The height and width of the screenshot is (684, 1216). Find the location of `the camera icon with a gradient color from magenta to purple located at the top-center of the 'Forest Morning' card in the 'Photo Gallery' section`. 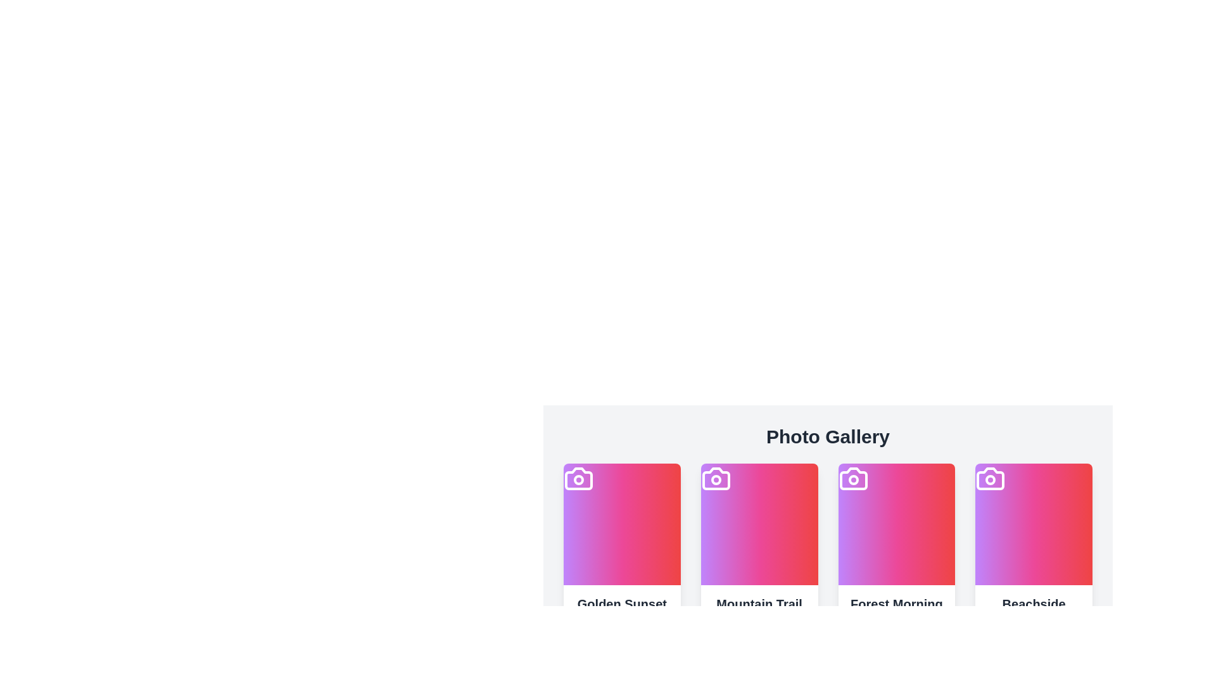

the camera icon with a gradient color from magenta to purple located at the top-center of the 'Forest Morning' card in the 'Photo Gallery' section is located at coordinates (853, 479).